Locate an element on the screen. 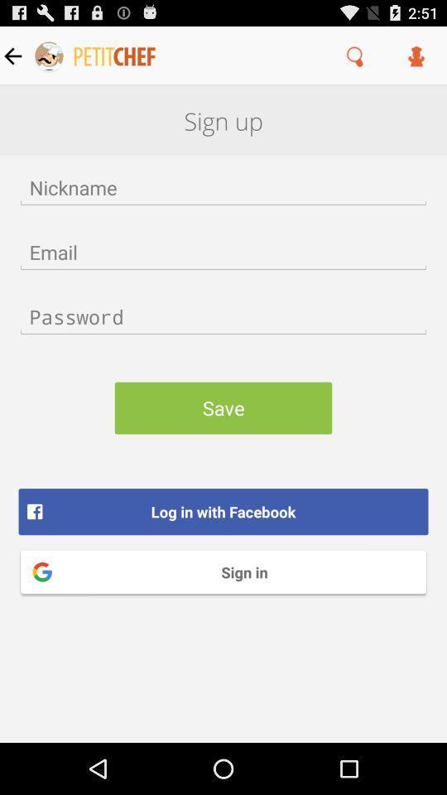 This screenshot has height=795, width=447. password entry field is located at coordinates (223, 316).